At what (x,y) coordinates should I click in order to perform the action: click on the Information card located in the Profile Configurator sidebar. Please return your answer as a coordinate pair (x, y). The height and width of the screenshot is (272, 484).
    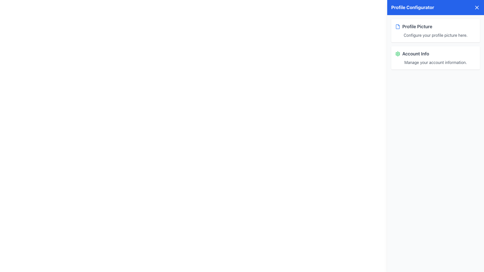
    Looking at the image, I should click on (435, 58).